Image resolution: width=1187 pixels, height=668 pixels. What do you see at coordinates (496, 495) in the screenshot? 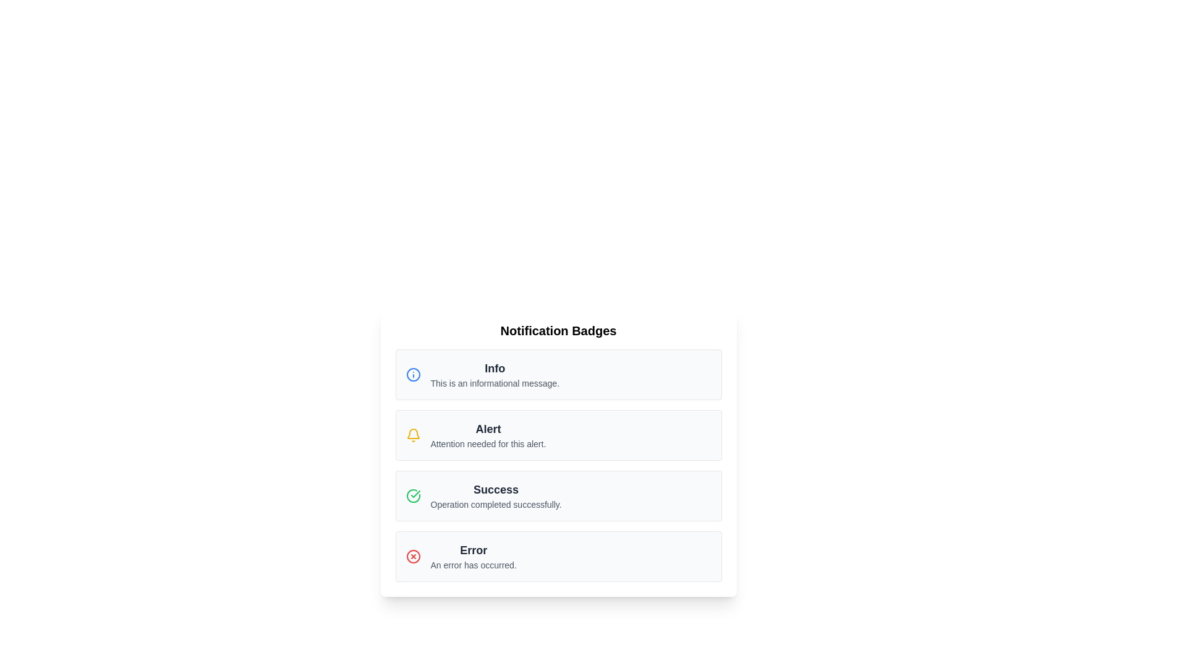
I see `the notification text block that displays 'Success' and 'Operation completed successfully.' This text block is the third notification in a vertical list with a light gray background` at bounding box center [496, 495].